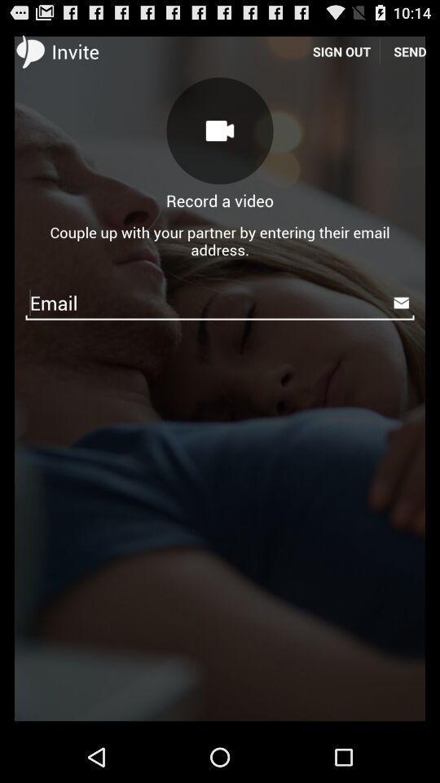  What do you see at coordinates (341, 51) in the screenshot?
I see `item next to send` at bounding box center [341, 51].